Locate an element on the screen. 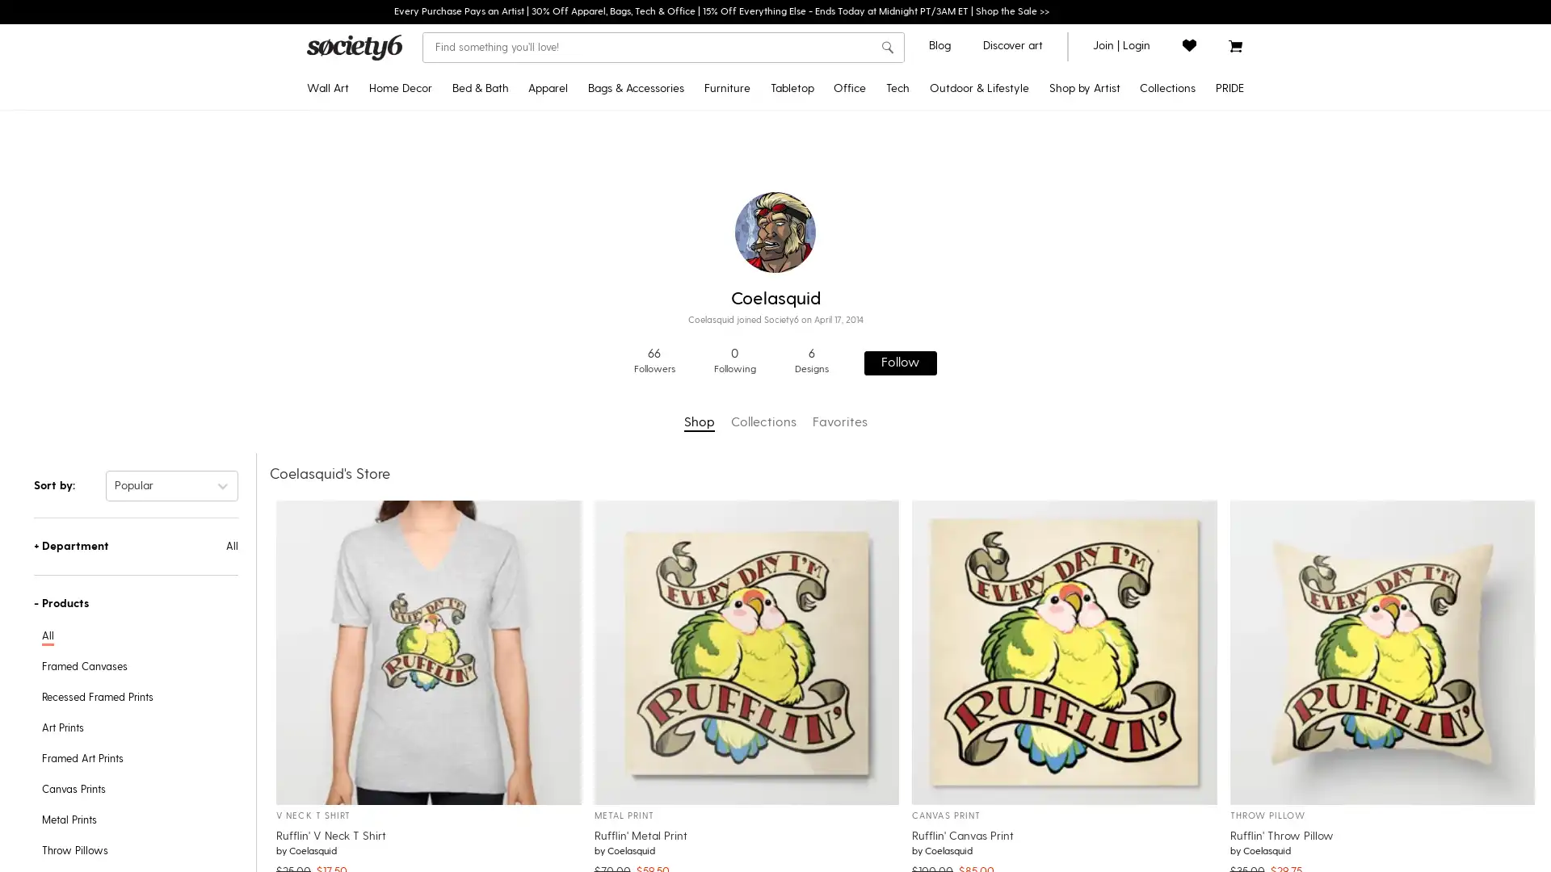  Apparel is located at coordinates (548, 89).